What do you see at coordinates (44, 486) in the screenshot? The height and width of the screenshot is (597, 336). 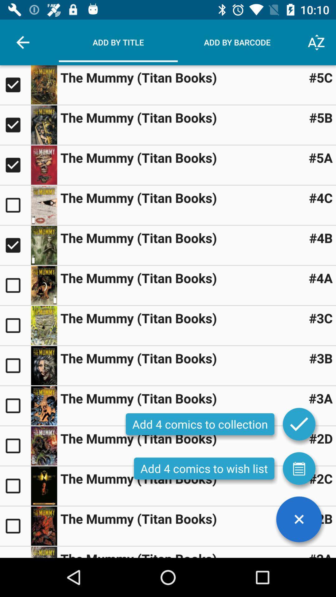 I see `zoom in on image` at bounding box center [44, 486].